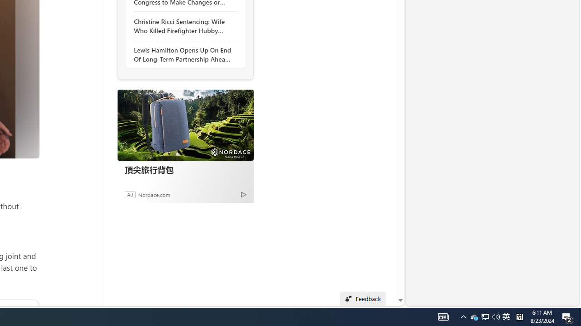 The height and width of the screenshot is (326, 581). What do you see at coordinates (129, 194) in the screenshot?
I see `'Ad'` at bounding box center [129, 194].